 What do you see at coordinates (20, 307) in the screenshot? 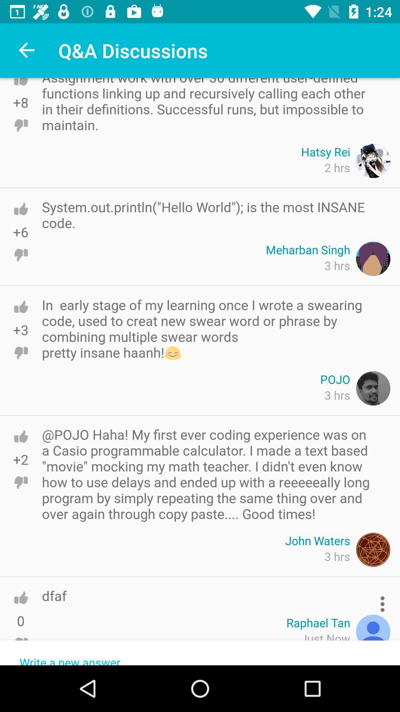
I see `upvote the comment` at bounding box center [20, 307].